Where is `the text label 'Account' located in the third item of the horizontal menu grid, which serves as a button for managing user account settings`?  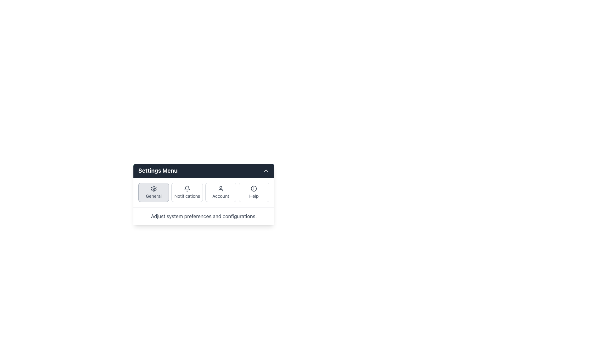 the text label 'Account' located in the third item of the horizontal menu grid, which serves as a button for managing user account settings is located at coordinates (221, 196).